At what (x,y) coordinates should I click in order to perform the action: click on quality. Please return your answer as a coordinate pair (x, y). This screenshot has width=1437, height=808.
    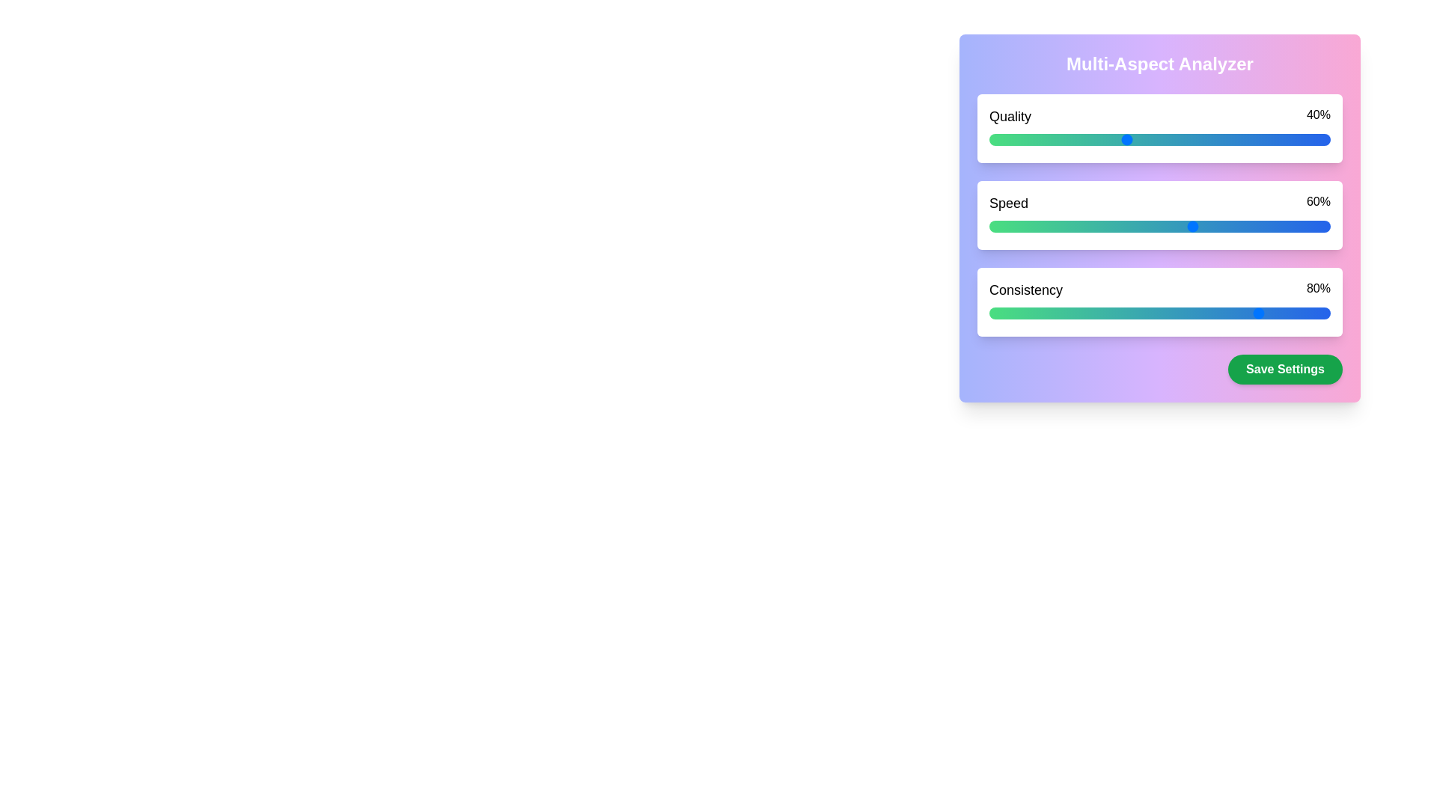
    Looking at the image, I should click on (1306, 139).